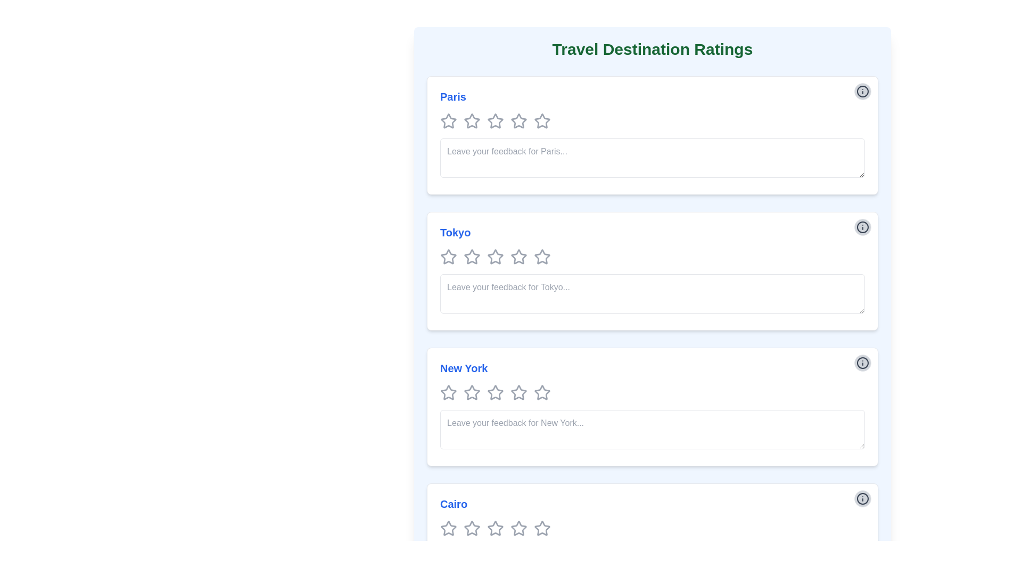  I want to click on the circular Informational button with a gray background located at the top-right corner of the 'Paris' card, so click(863, 91).